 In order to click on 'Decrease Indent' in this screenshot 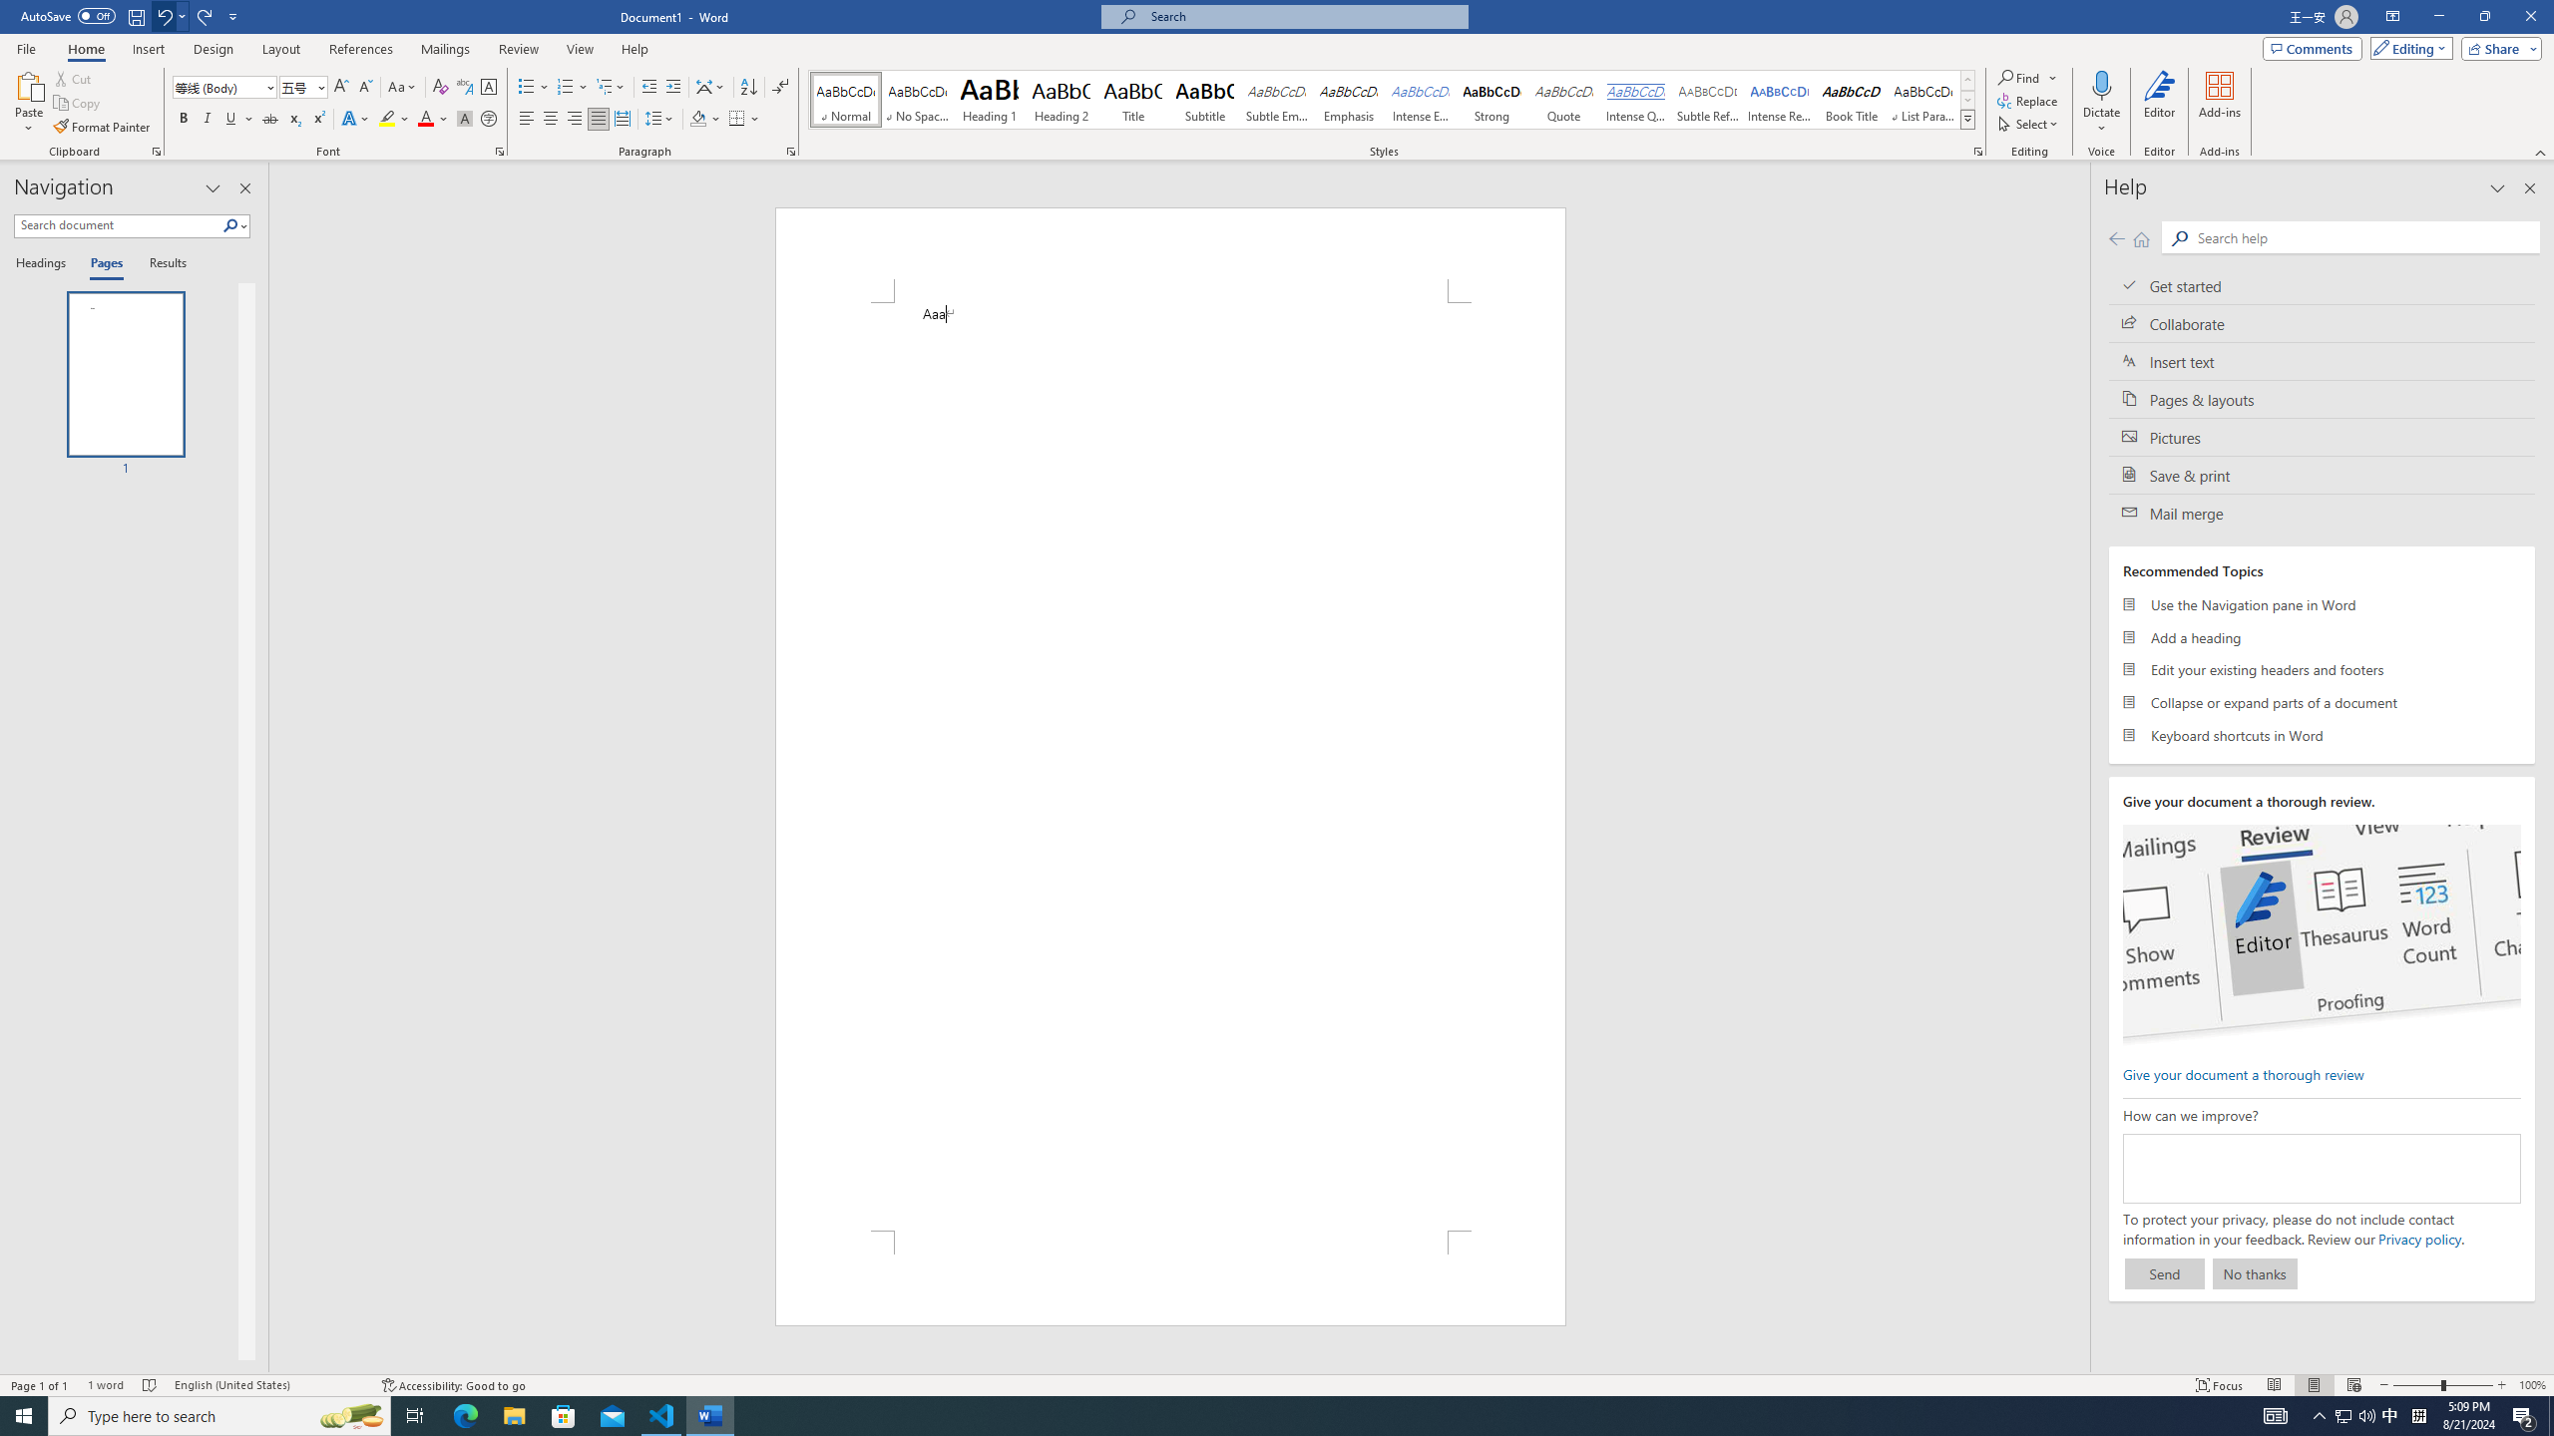, I will do `click(649, 87)`.